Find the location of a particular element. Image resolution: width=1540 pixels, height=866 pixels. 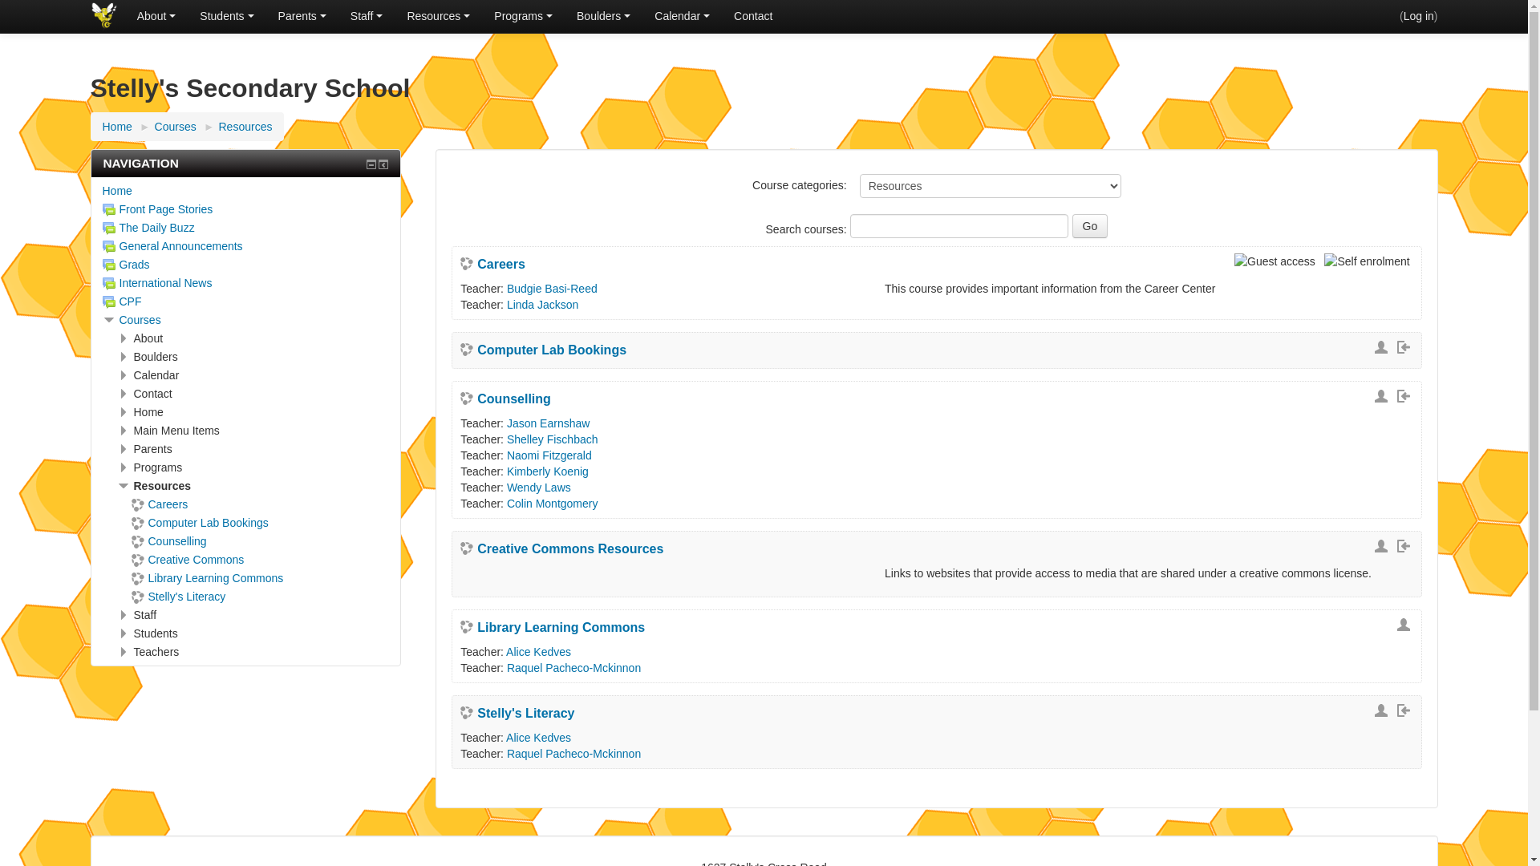

'Kimberly Koenig' is located at coordinates (506, 470).